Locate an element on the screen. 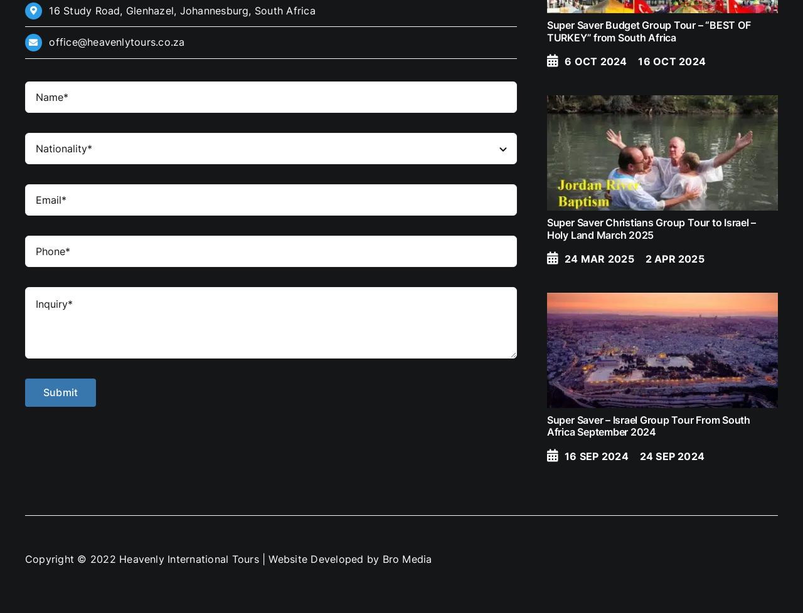  'Copyright © 2022 Heavenly International Tours | Website Developed by' is located at coordinates (24, 558).